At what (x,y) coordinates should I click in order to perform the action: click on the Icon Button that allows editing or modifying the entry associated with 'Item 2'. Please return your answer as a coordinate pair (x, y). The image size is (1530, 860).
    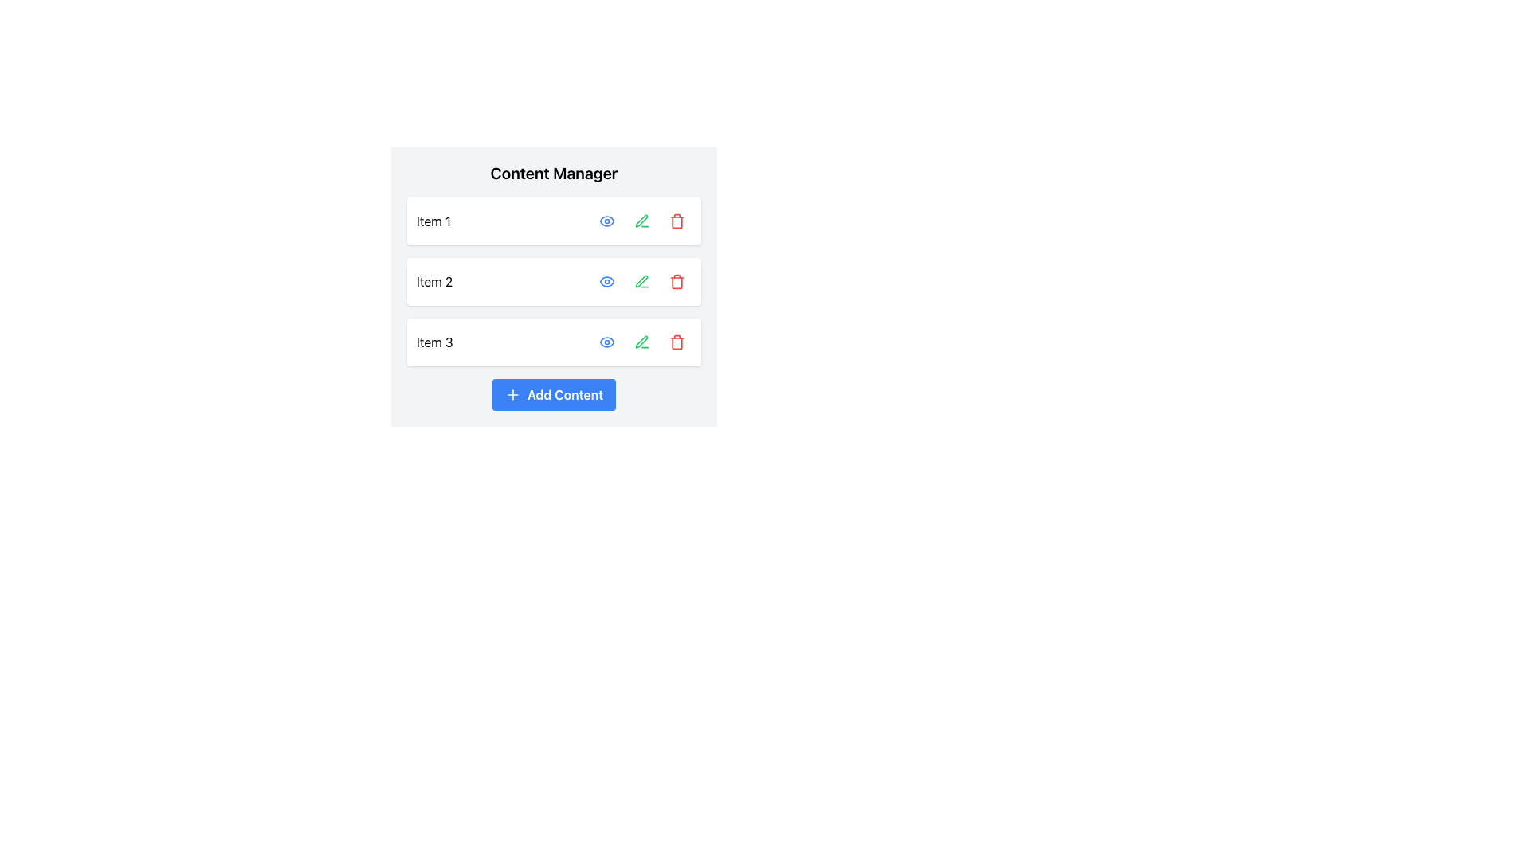
    Looking at the image, I should click on (642, 281).